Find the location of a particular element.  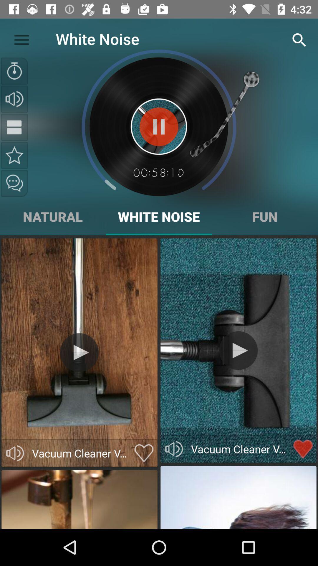

the time icon is located at coordinates (14, 71).